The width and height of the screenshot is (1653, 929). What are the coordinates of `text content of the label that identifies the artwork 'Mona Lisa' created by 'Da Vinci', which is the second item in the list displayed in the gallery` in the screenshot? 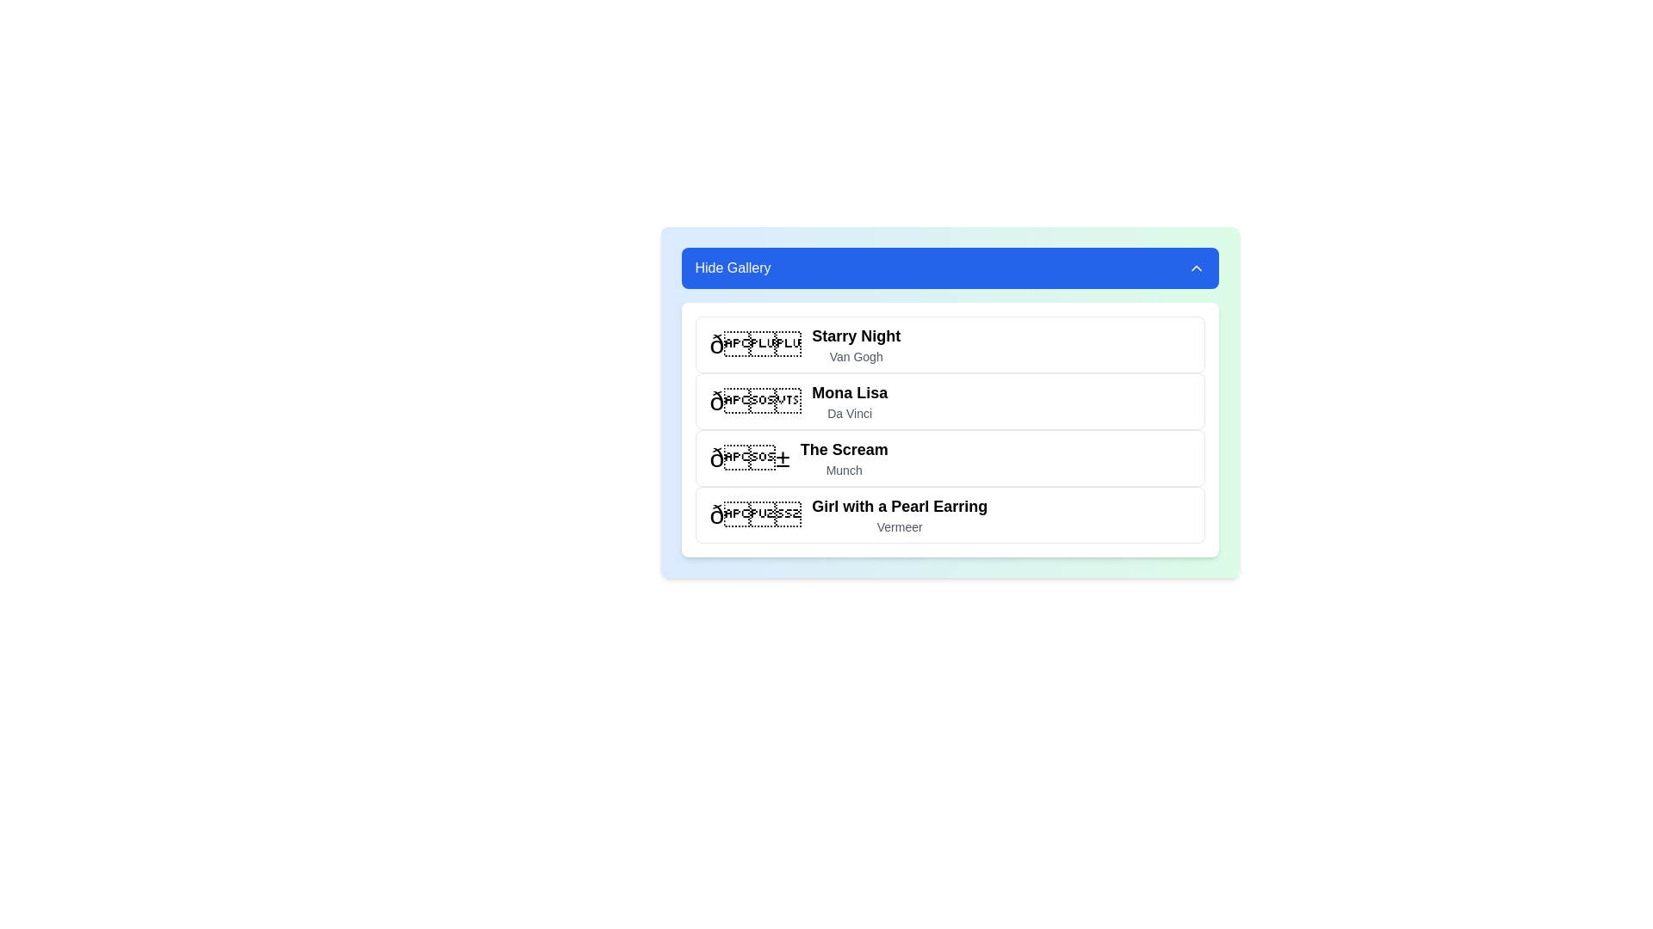 It's located at (850, 401).